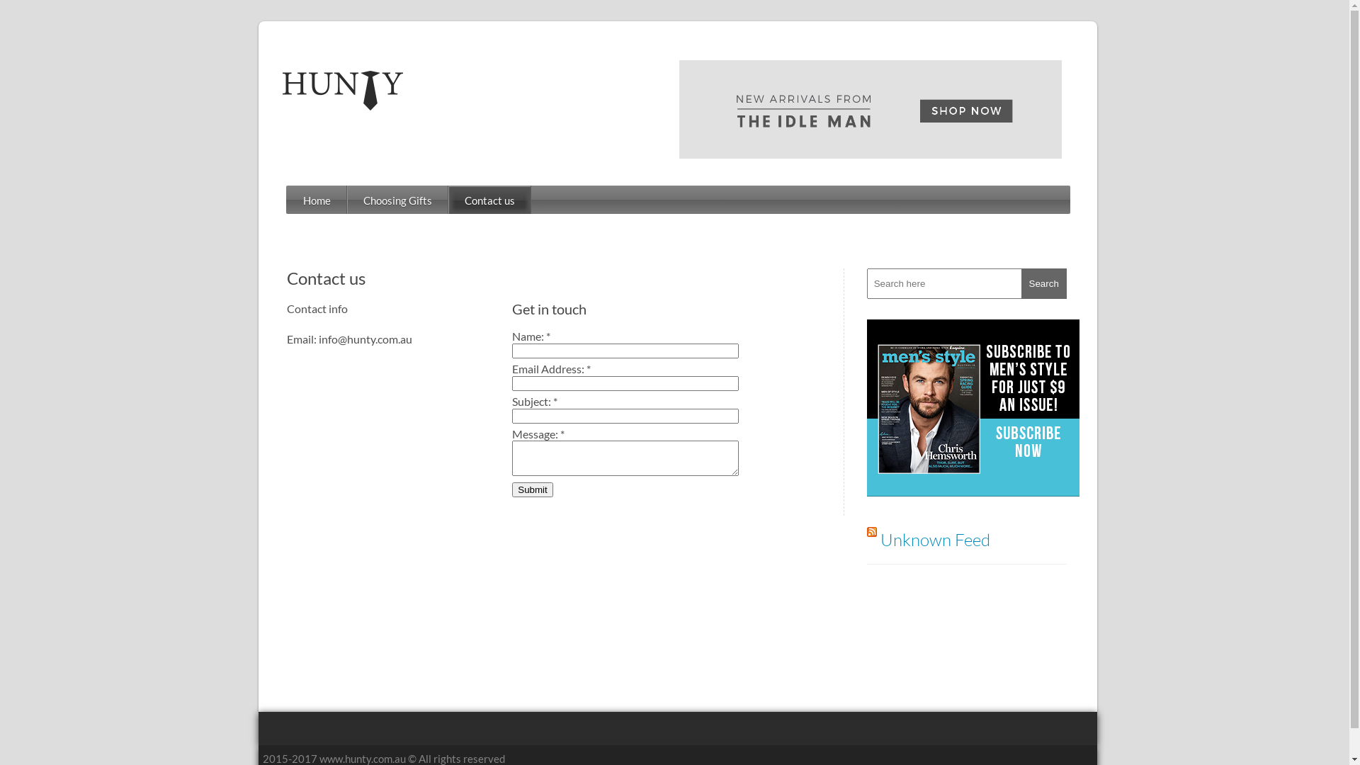  Describe the element at coordinates (347, 200) in the screenshot. I see `'Choosing Gifts'` at that location.